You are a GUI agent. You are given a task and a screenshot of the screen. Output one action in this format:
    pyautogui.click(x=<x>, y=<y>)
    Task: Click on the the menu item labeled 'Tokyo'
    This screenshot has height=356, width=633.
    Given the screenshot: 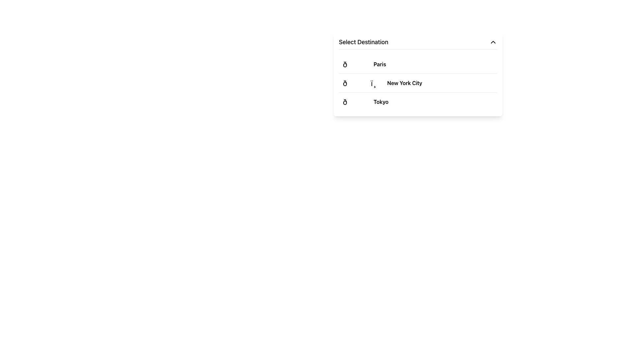 What is the action you would take?
    pyautogui.click(x=417, y=102)
    